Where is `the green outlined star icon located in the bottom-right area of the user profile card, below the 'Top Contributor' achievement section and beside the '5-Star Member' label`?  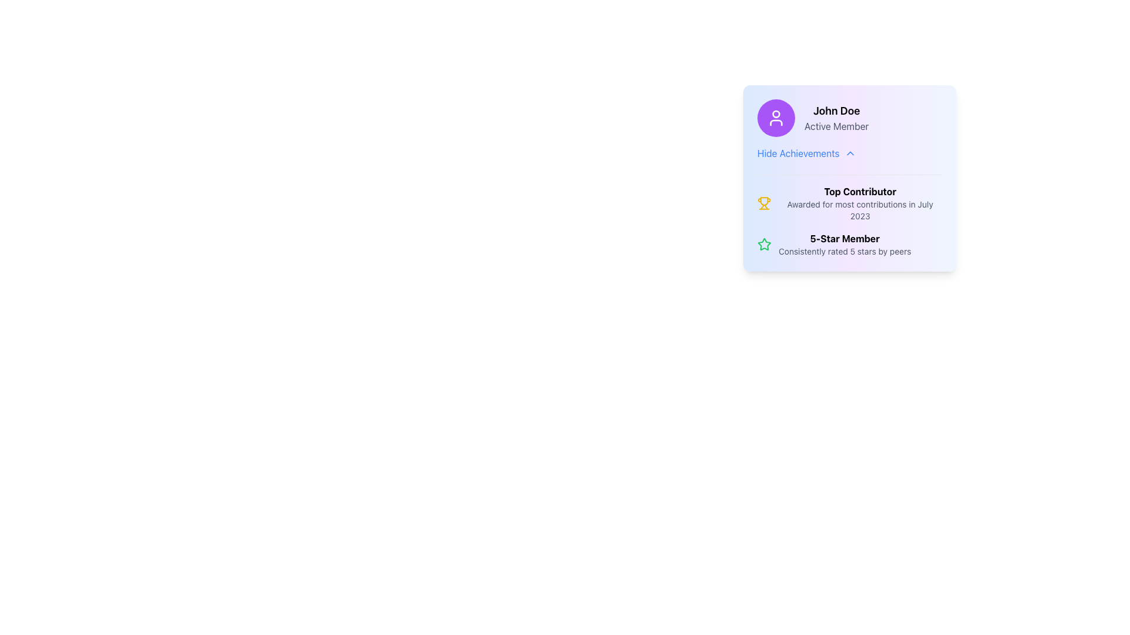
the green outlined star icon located in the bottom-right area of the user profile card, below the 'Top Contributor' achievement section and beside the '5-Star Member' label is located at coordinates (765, 243).